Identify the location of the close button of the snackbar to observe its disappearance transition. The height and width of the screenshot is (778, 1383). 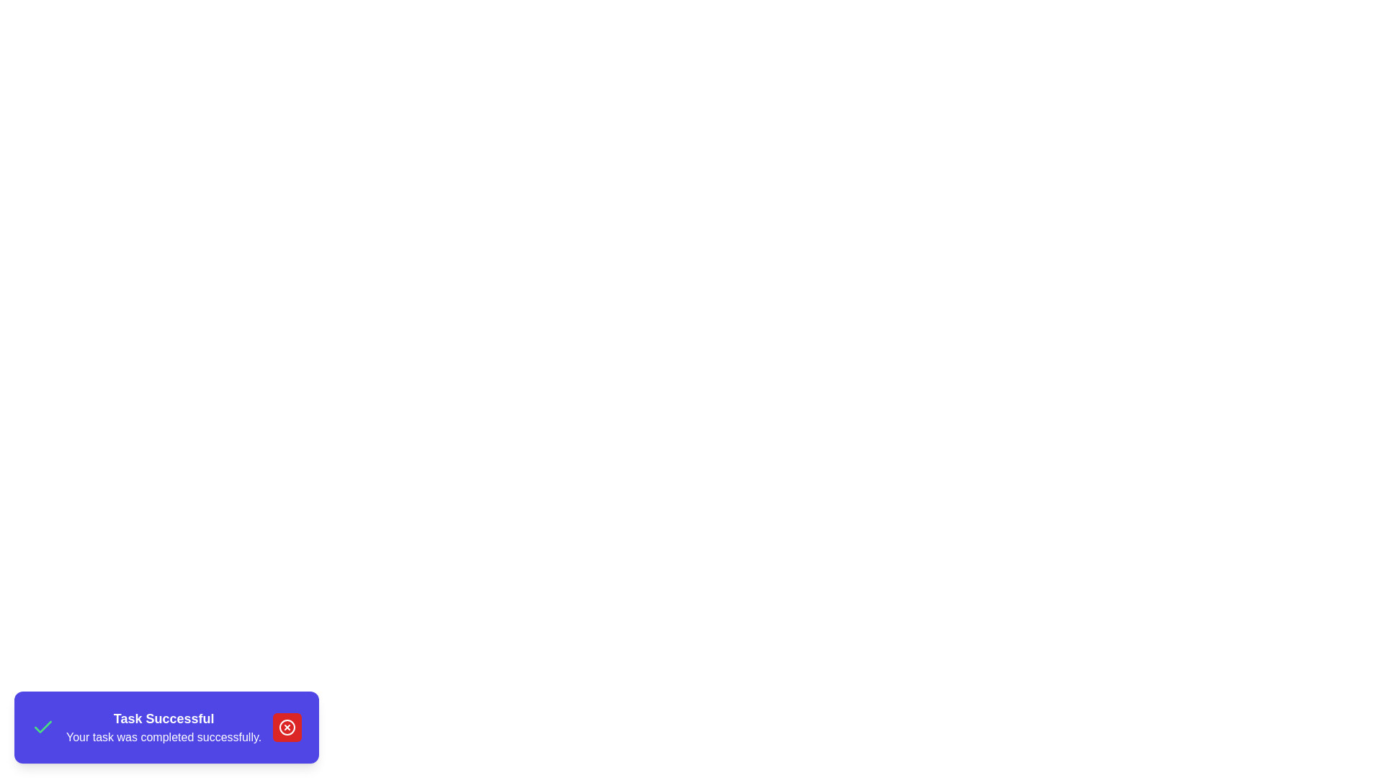
(287, 728).